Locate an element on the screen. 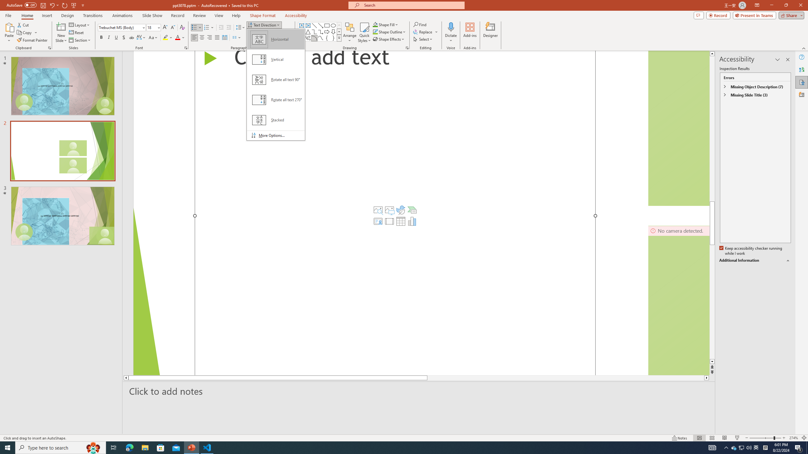 The width and height of the screenshot is (808, 454). 'Keep accessibility checker running while I work' is located at coordinates (751, 251).